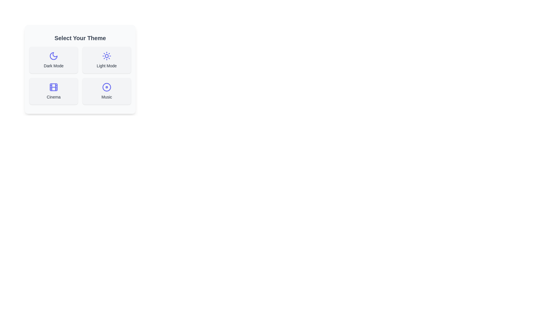  I want to click on the center of the 'Light Mode' sun icon located in the upper-right quadrant of the layout, so click(106, 56).